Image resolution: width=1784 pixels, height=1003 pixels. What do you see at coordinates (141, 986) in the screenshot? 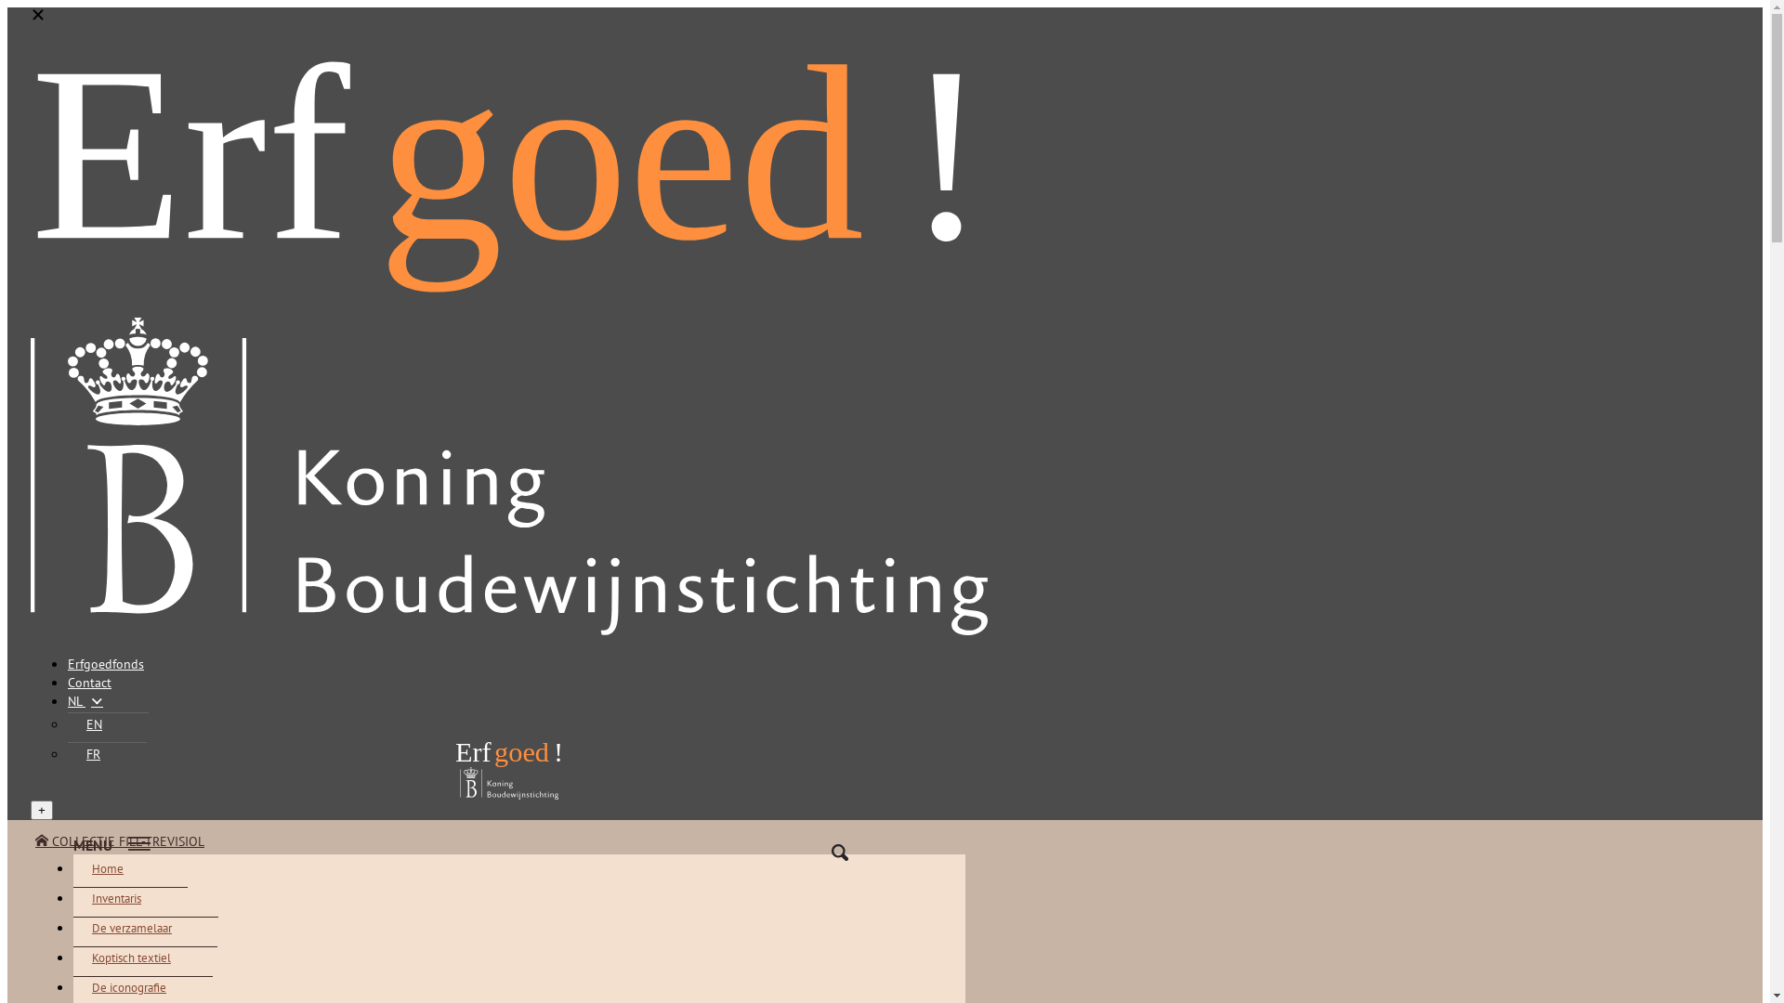
I see `'De iconografie'` at bounding box center [141, 986].